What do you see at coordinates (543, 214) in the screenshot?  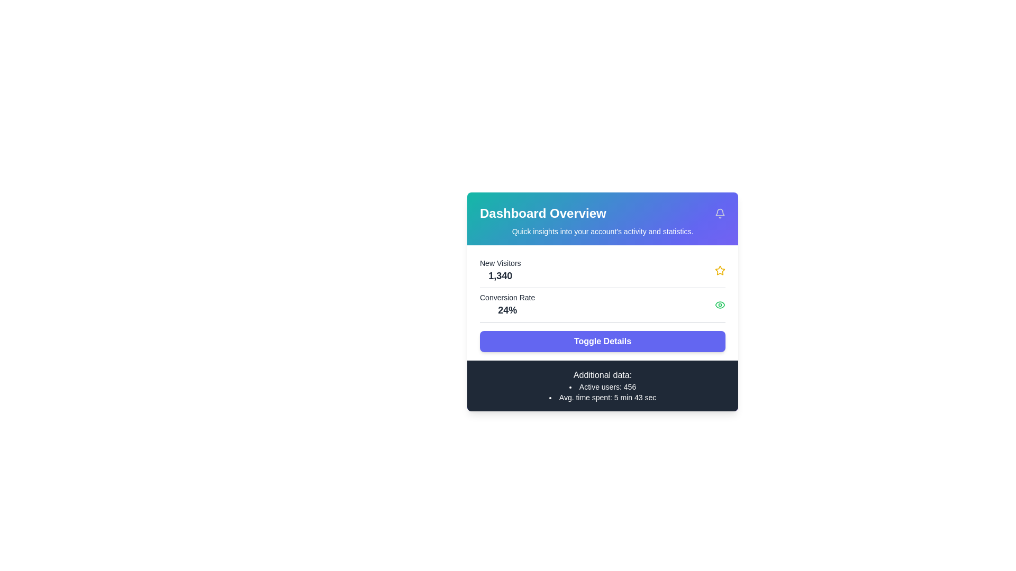 I see `the text element displaying 'Dashboard Overview'` at bounding box center [543, 214].